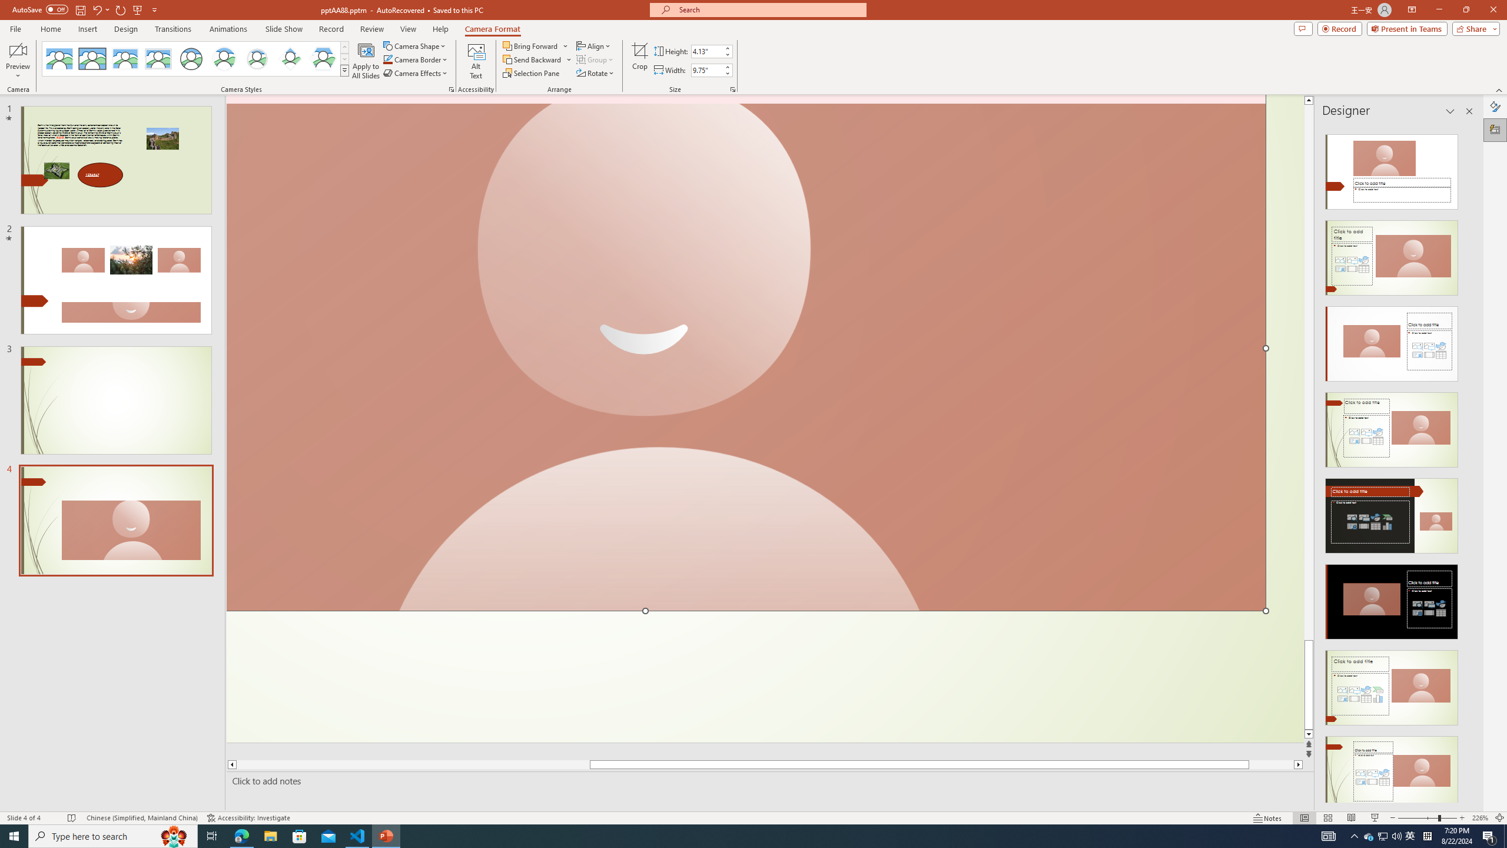 The image size is (1507, 848). I want to click on 'Enable Camera Preview', so click(17, 49).